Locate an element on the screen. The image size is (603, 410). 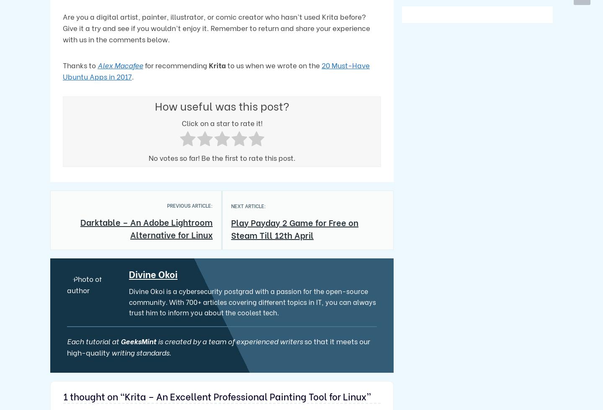
'Next article:' is located at coordinates (231, 205).